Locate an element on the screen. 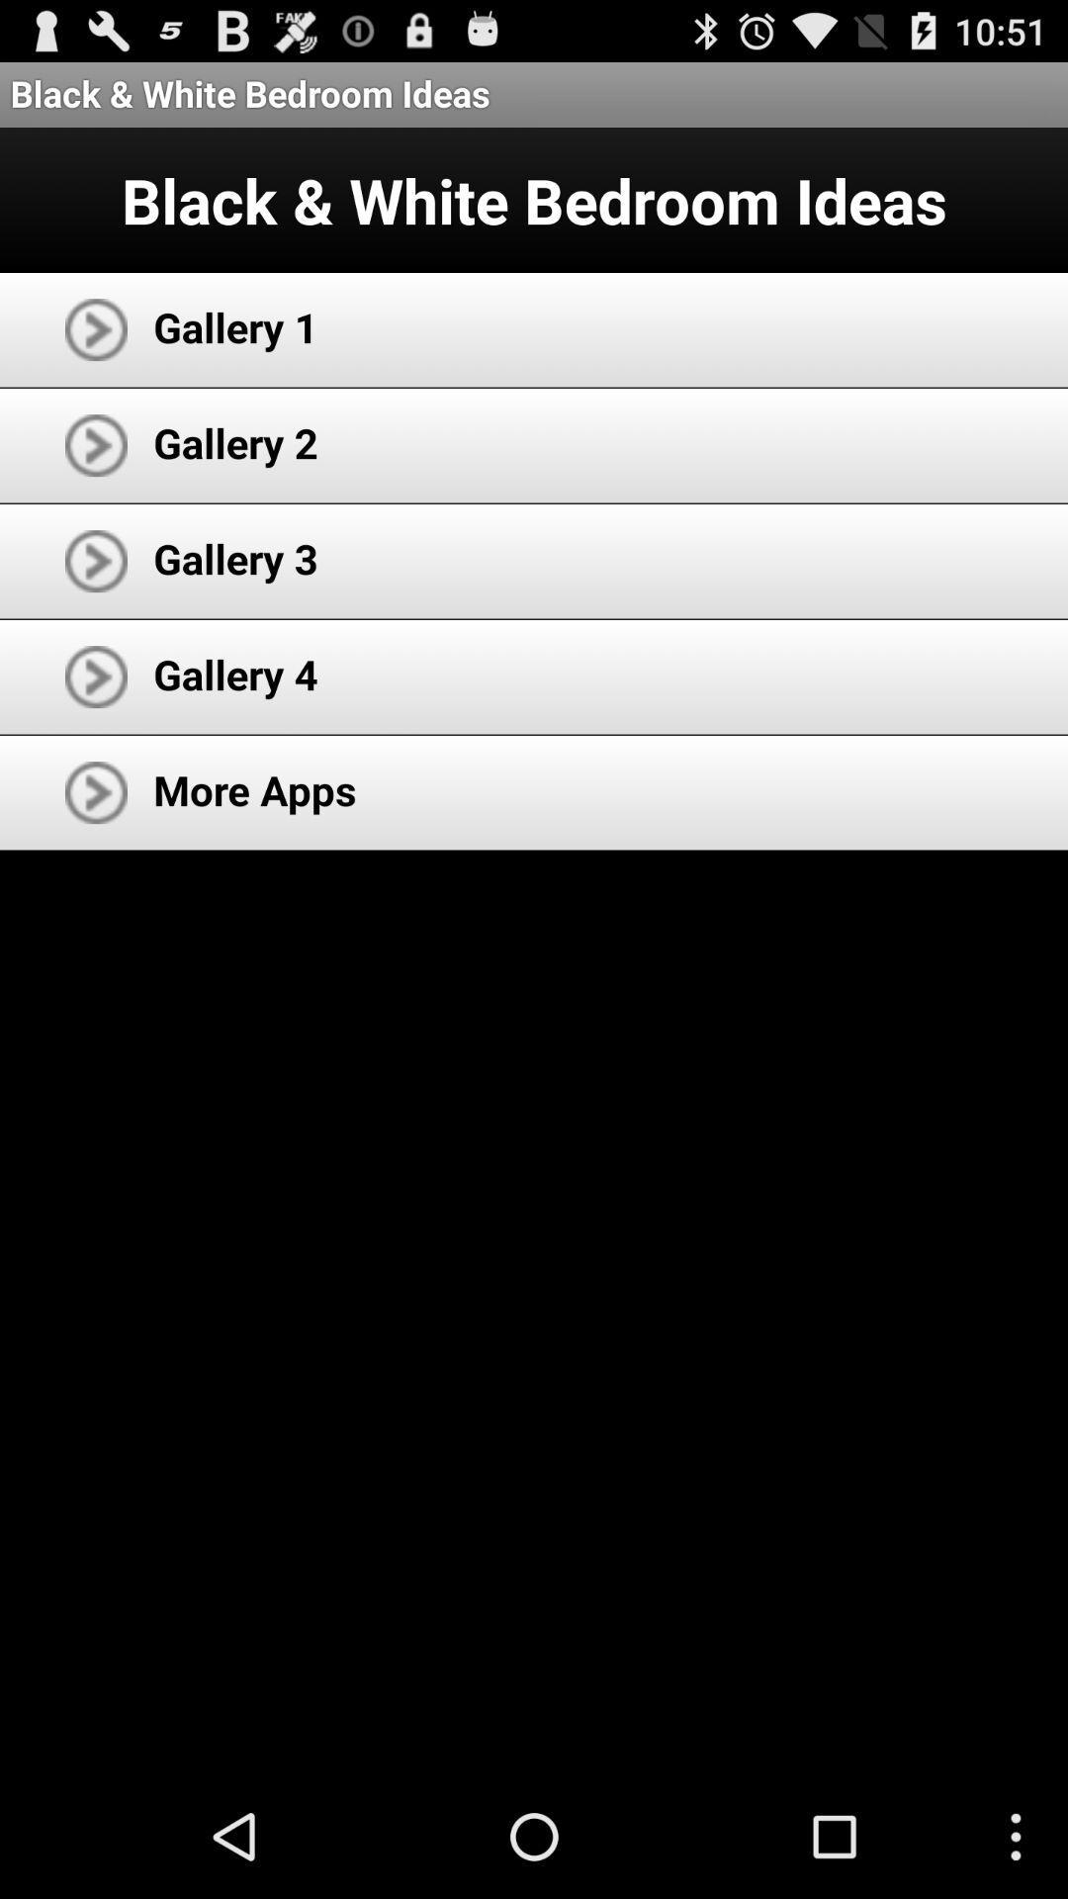  more apps app is located at coordinates (254, 788).